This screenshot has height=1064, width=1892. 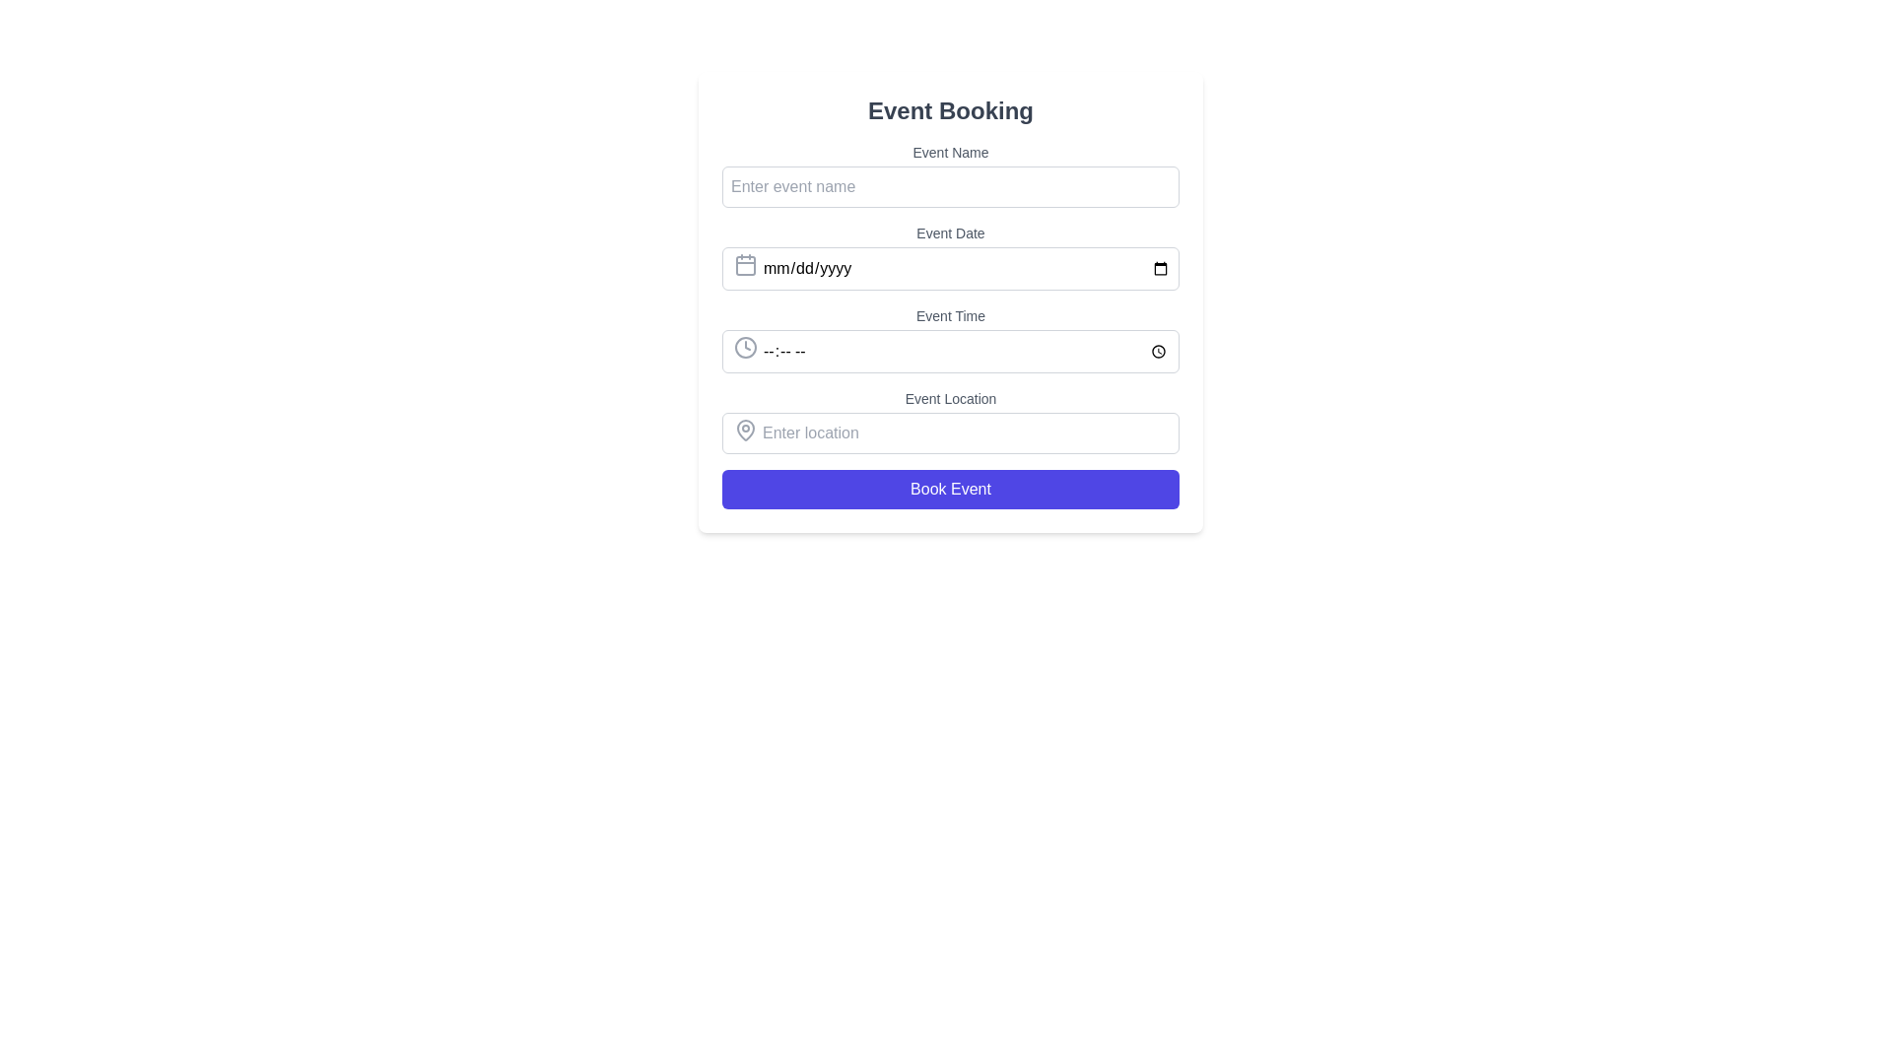 What do you see at coordinates (950, 269) in the screenshot?
I see `the 'date' input field in the 'Event Date' section` at bounding box center [950, 269].